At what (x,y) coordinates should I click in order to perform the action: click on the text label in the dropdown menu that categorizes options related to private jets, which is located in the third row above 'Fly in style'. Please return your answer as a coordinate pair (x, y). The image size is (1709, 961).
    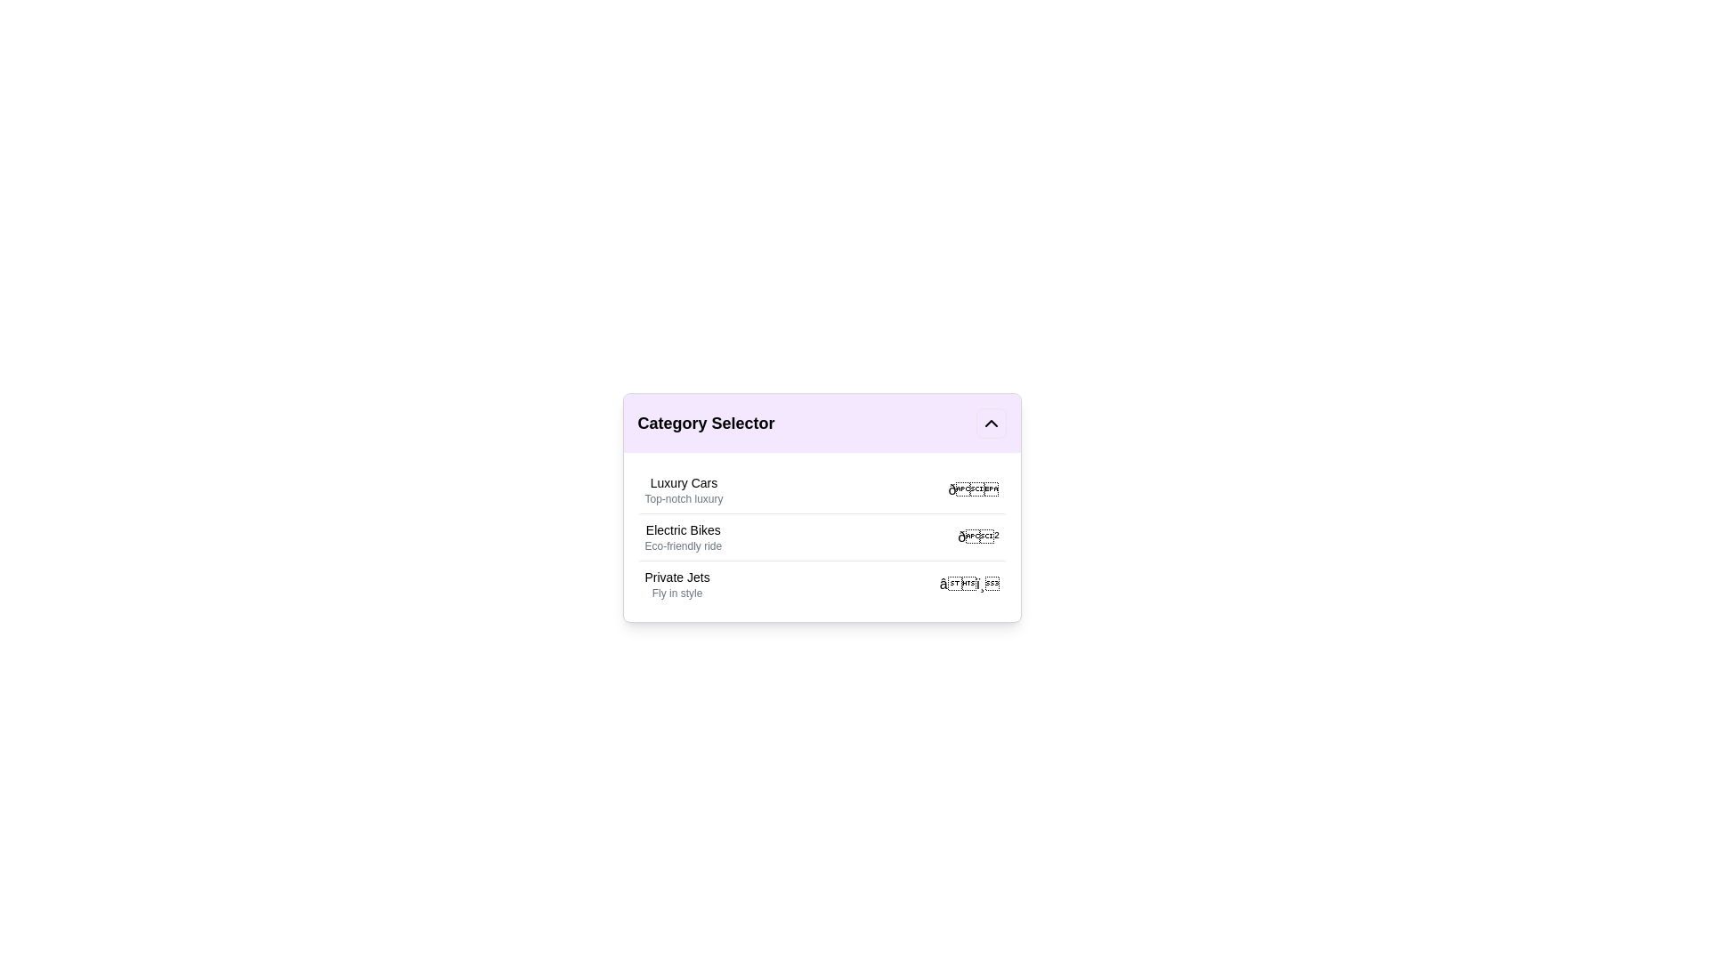
    Looking at the image, I should click on (676, 577).